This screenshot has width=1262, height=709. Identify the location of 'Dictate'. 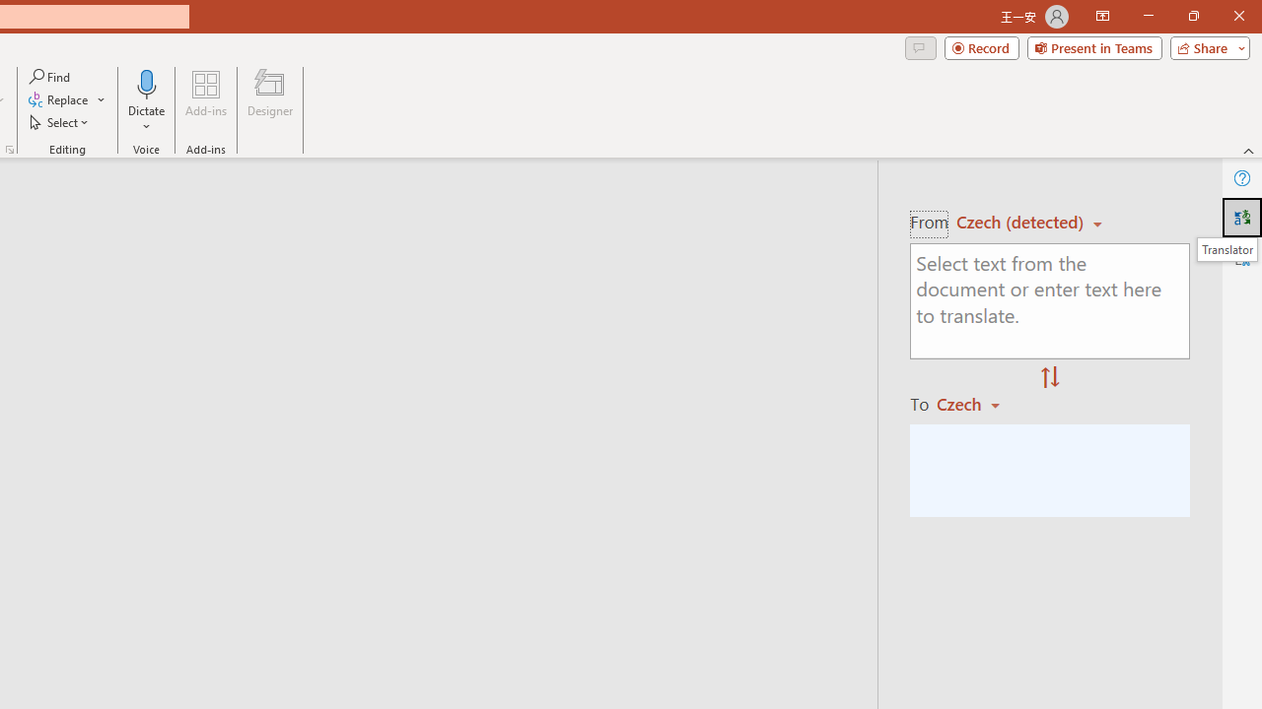
(146, 83).